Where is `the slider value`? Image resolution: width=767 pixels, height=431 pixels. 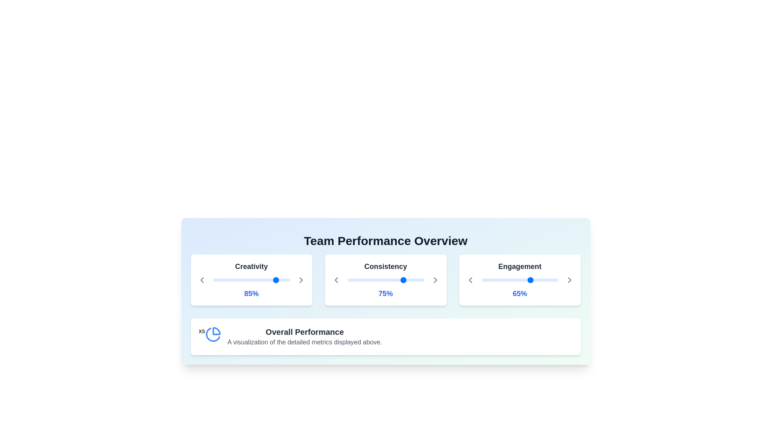
the slider value is located at coordinates (251, 280).